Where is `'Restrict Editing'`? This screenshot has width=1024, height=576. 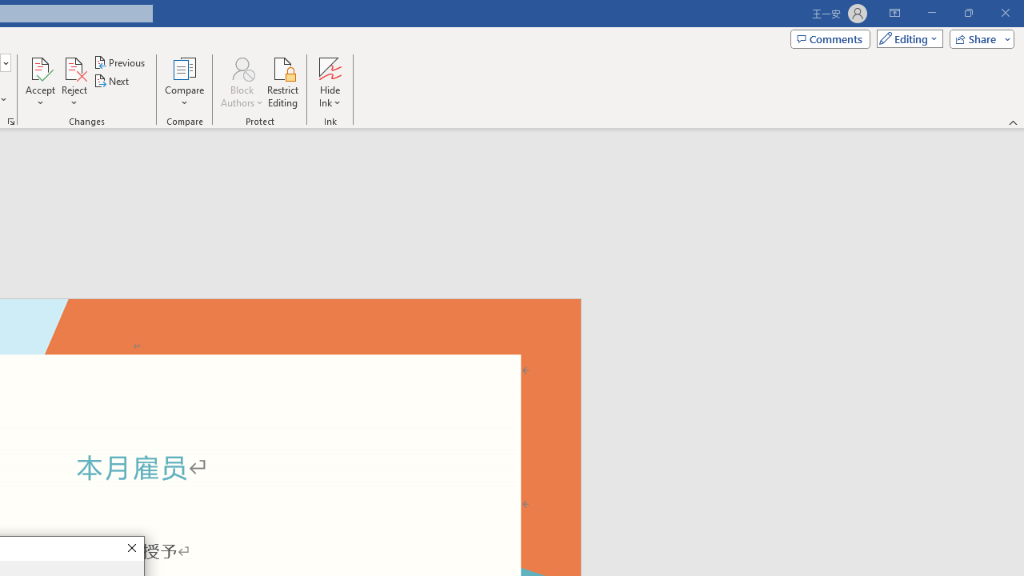
'Restrict Editing' is located at coordinates (282, 82).